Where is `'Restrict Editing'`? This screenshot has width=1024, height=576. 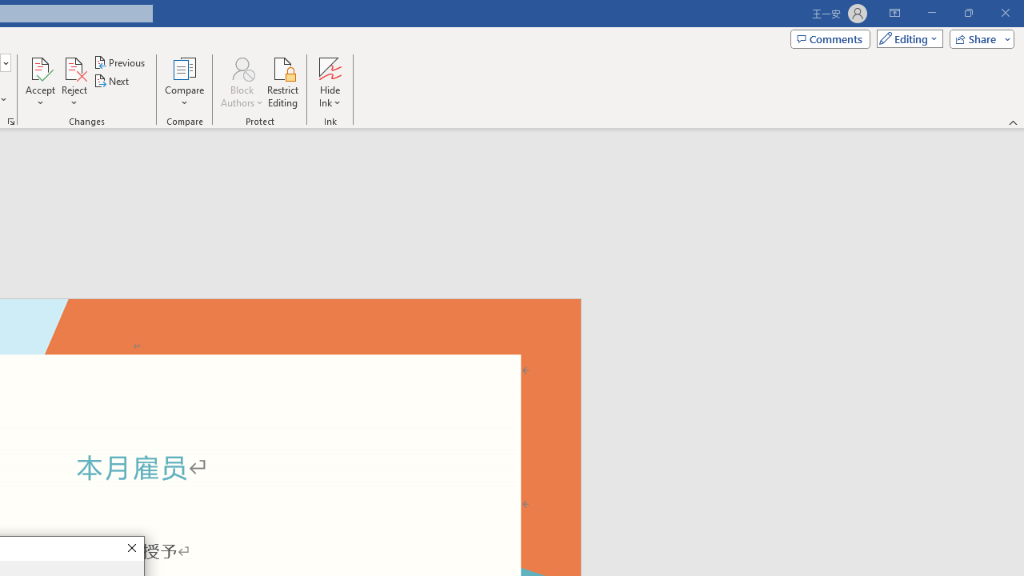
'Restrict Editing' is located at coordinates (282, 82).